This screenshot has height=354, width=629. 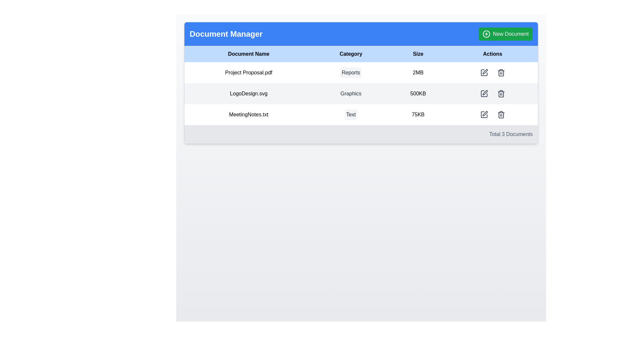 I want to click on the 'Reports' text label, which is a rounded rectangle with a gray background located in the 'Category' column of the first row of a table, so click(x=351, y=73).